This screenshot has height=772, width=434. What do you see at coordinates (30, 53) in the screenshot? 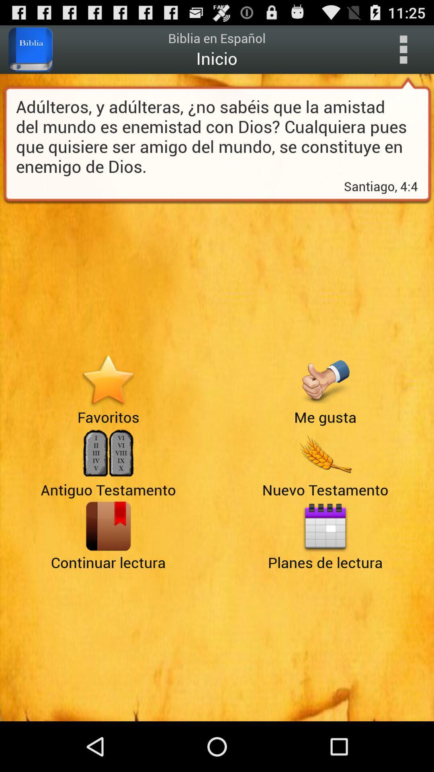
I see `the book icon` at bounding box center [30, 53].